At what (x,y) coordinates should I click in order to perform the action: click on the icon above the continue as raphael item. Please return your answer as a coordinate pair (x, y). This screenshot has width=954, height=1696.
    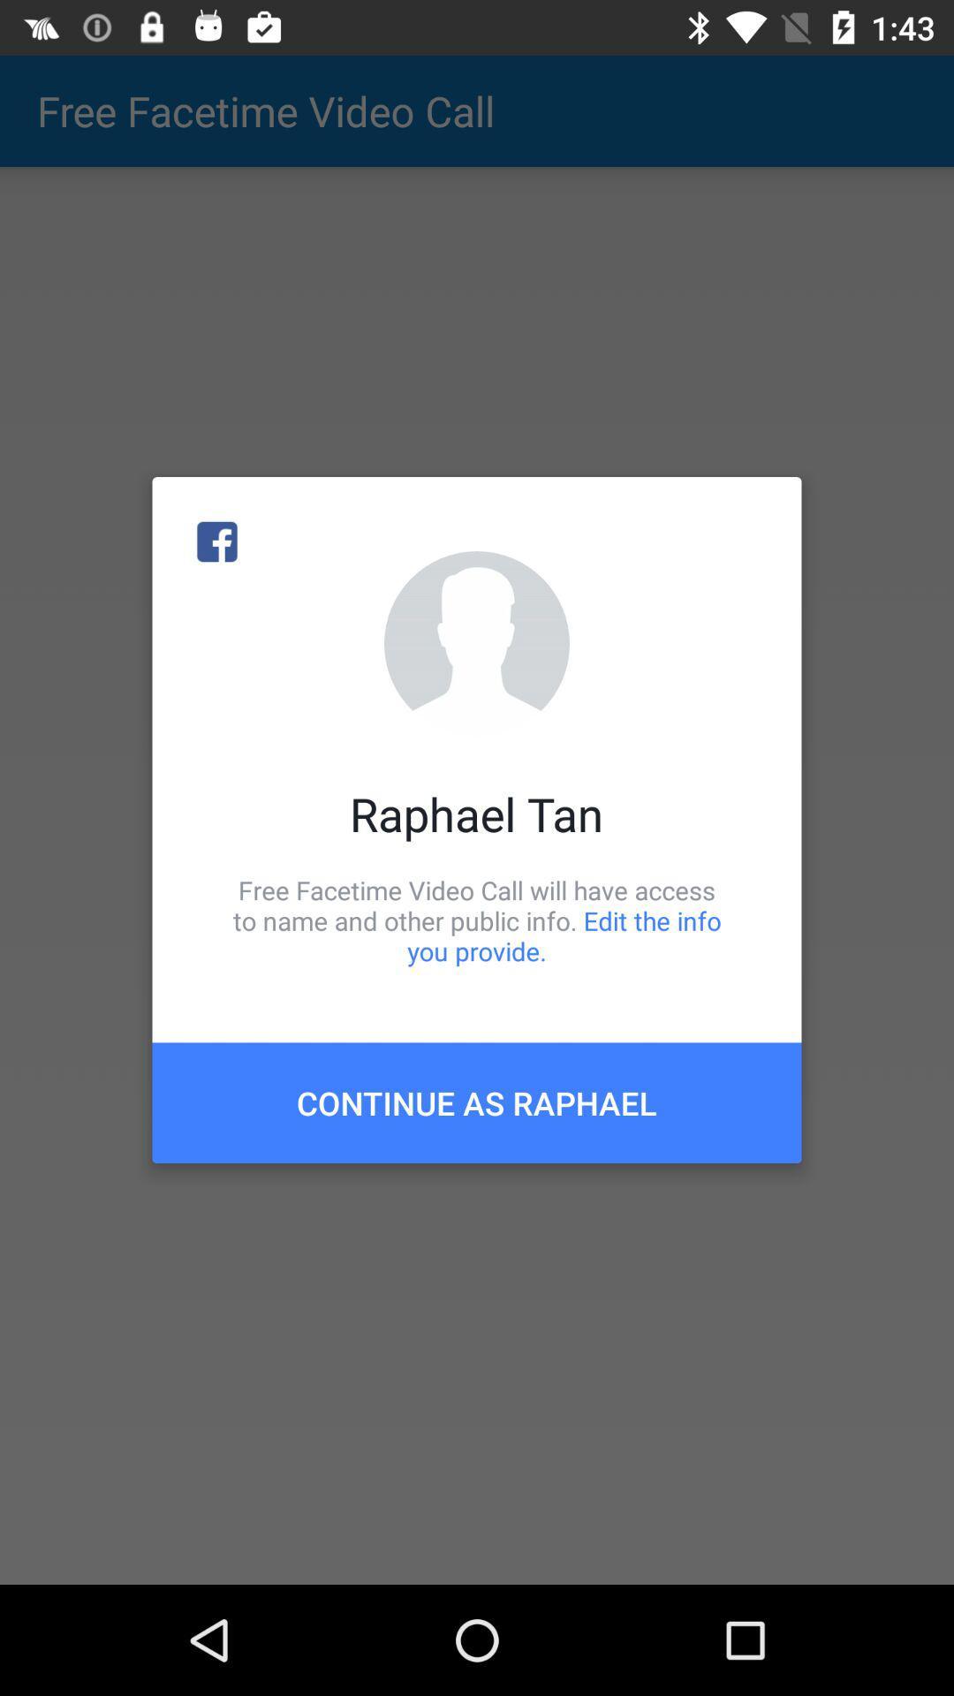
    Looking at the image, I should click on (477, 920).